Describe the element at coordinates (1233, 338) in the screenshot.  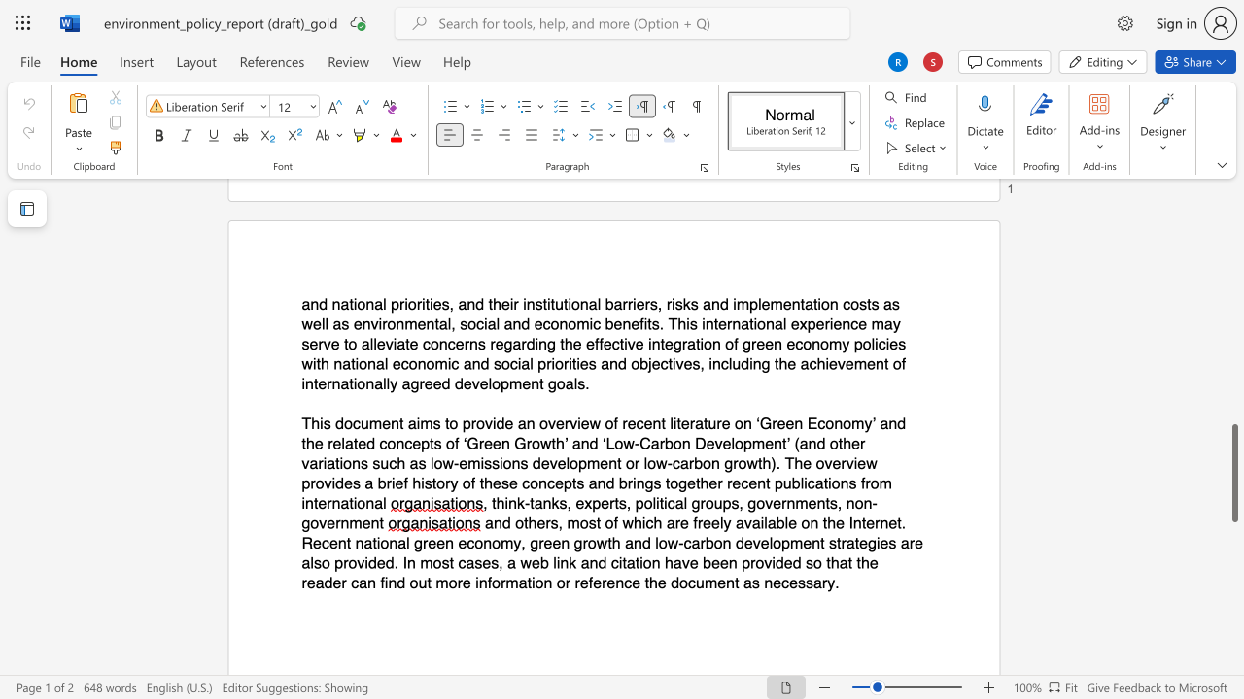
I see `the scrollbar to move the view up` at that location.